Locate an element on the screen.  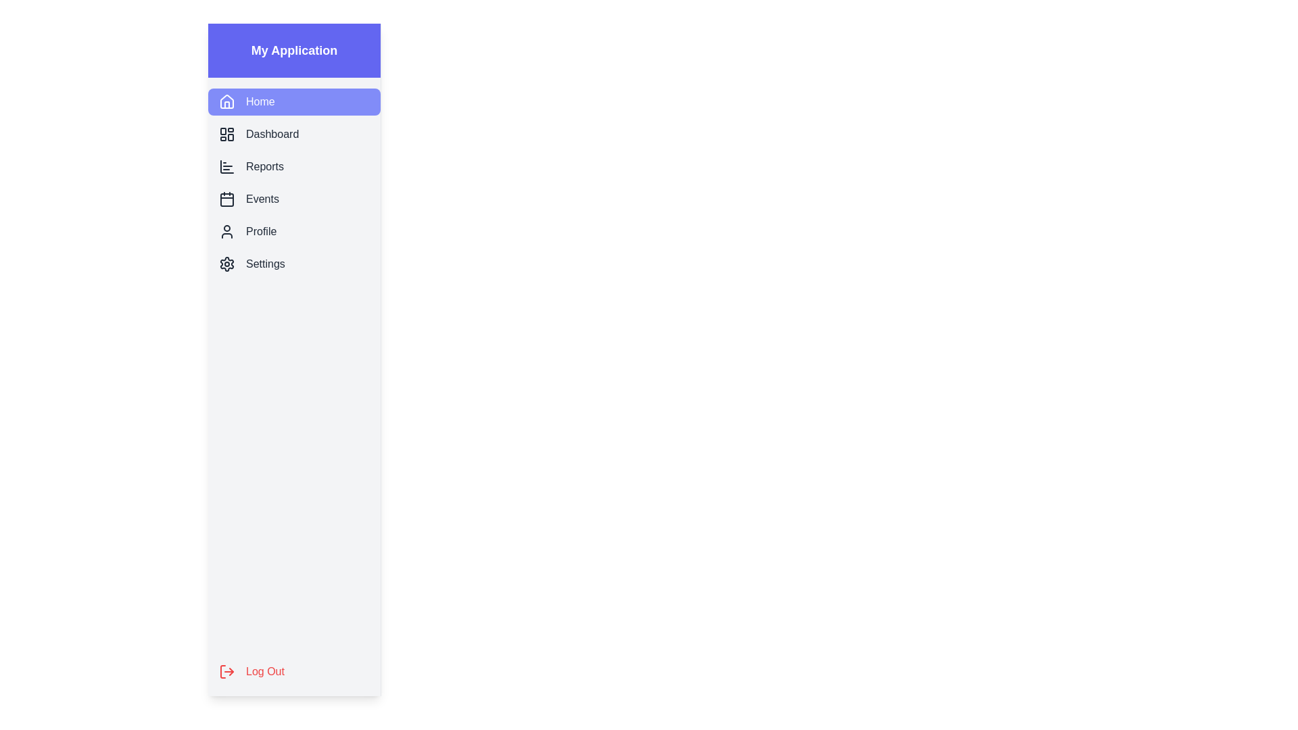
the 'Events' navigation link in the vertical menu, which is the fourth entry below 'Reports' and above 'Profile' is located at coordinates (262, 199).